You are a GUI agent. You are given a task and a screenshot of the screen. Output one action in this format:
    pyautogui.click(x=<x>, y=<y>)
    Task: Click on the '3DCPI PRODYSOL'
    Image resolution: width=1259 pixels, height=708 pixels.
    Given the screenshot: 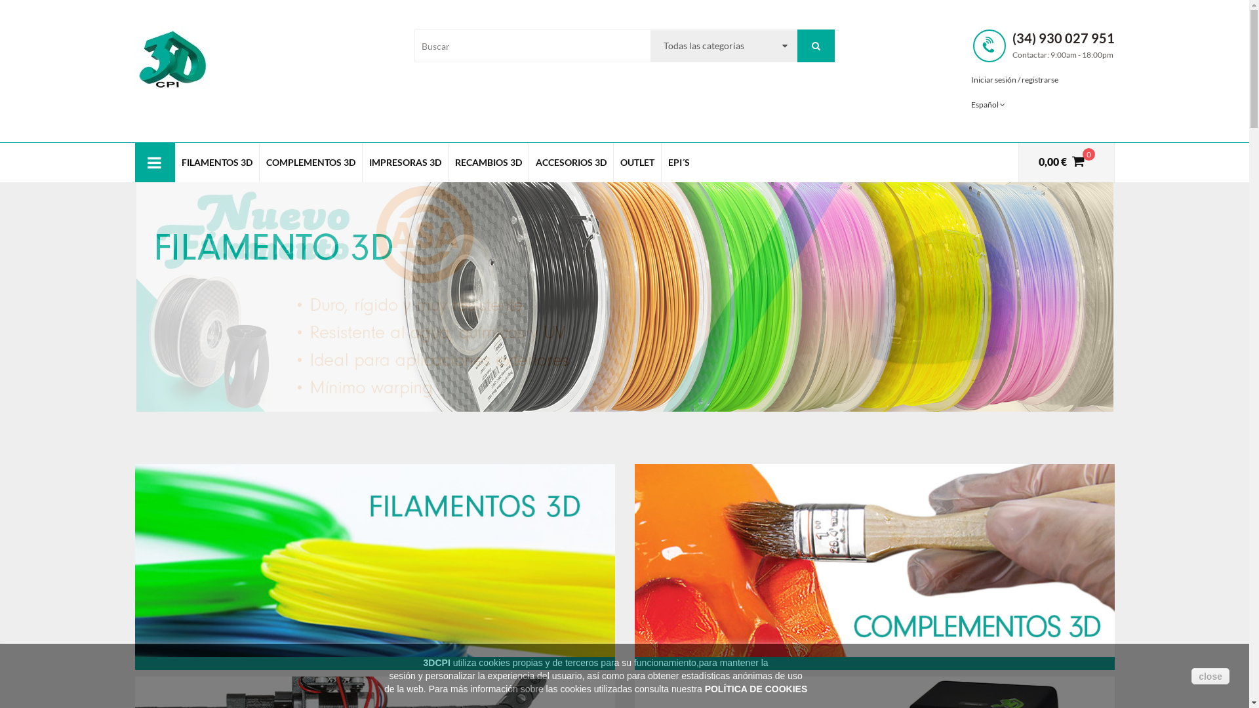 What is the action you would take?
    pyautogui.click(x=172, y=56)
    